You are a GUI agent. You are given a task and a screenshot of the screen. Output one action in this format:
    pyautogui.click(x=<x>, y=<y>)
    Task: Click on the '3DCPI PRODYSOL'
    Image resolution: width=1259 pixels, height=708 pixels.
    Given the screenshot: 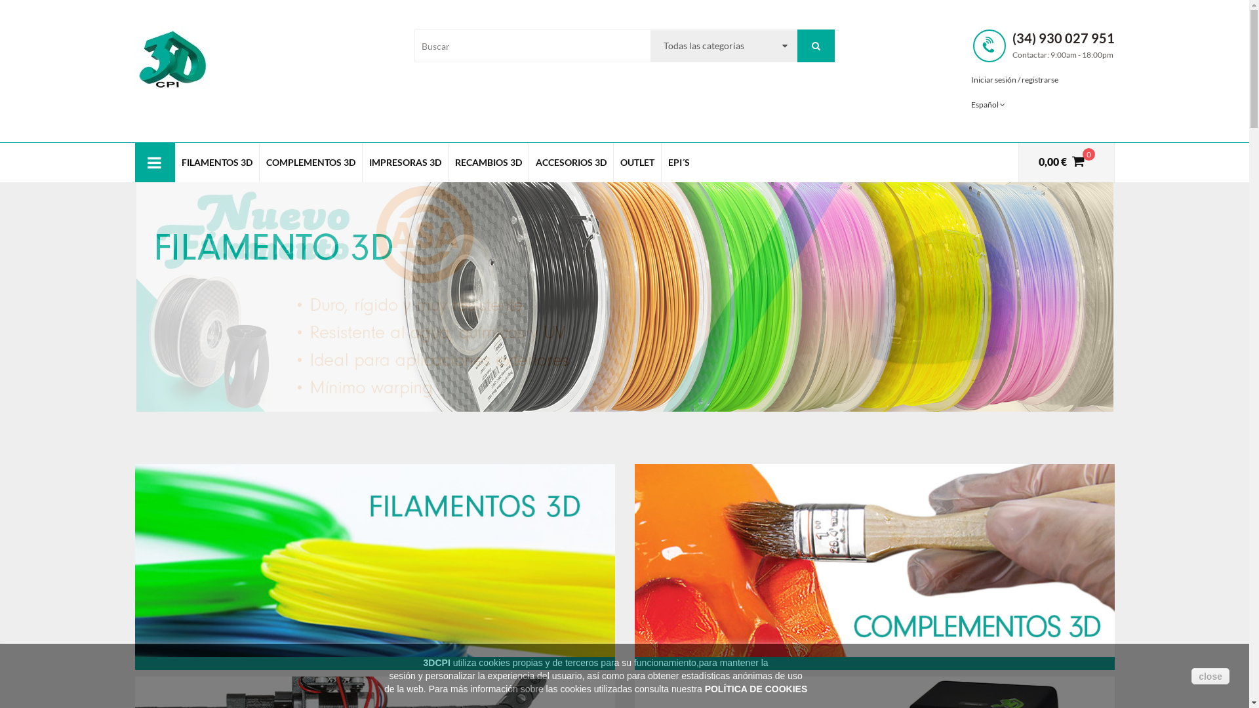 What is the action you would take?
    pyautogui.click(x=172, y=56)
    